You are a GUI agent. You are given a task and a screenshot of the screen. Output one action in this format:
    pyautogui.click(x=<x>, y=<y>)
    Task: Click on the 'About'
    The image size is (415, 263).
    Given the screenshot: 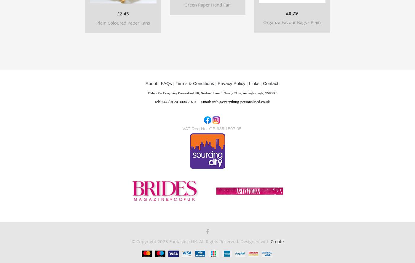 What is the action you would take?
    pyautogui.click(x=151, y=83)
    